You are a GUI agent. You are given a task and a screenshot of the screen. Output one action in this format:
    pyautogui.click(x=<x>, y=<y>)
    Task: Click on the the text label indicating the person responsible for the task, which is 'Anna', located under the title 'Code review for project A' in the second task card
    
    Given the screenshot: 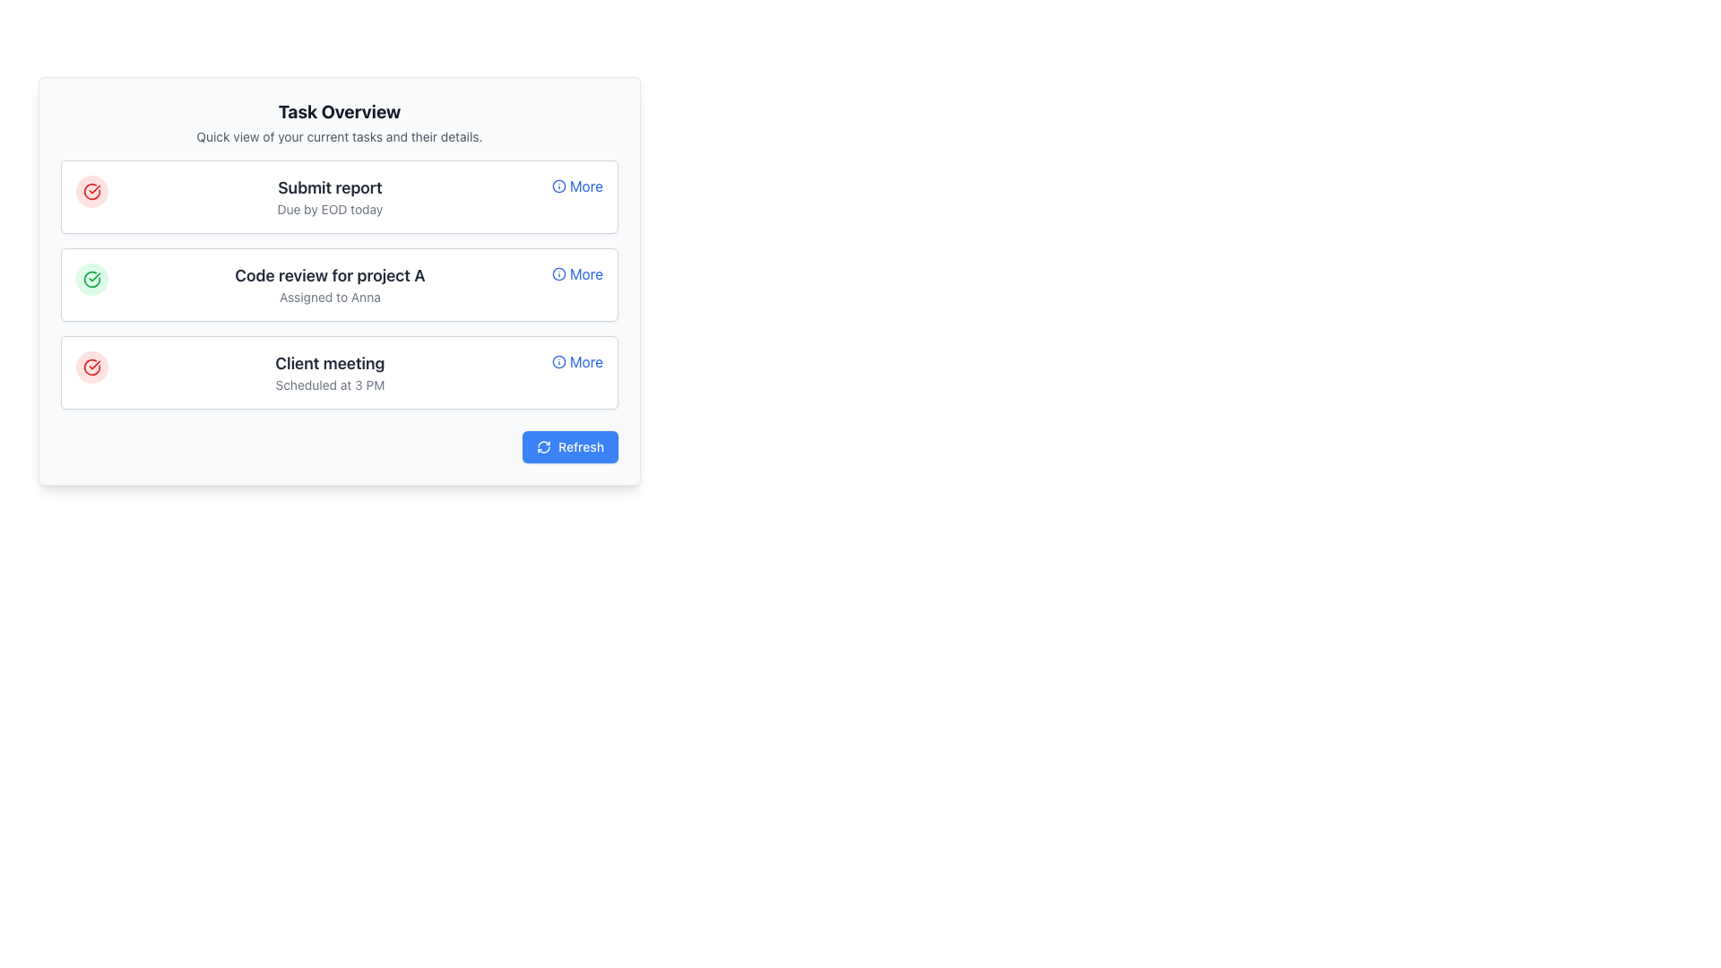 What is the action you would take?
    pyautogui.click(x=330, y=296)
    